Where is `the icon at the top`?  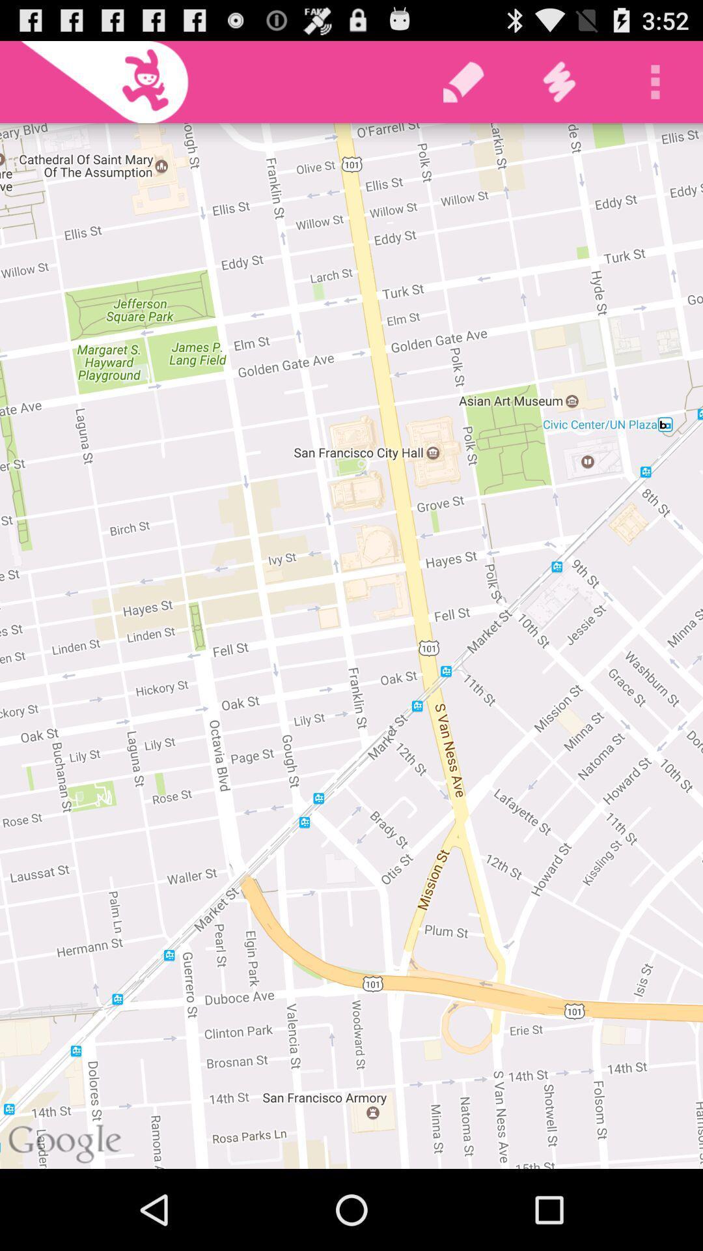 the icon at the top is located at coordinates (463, 81).